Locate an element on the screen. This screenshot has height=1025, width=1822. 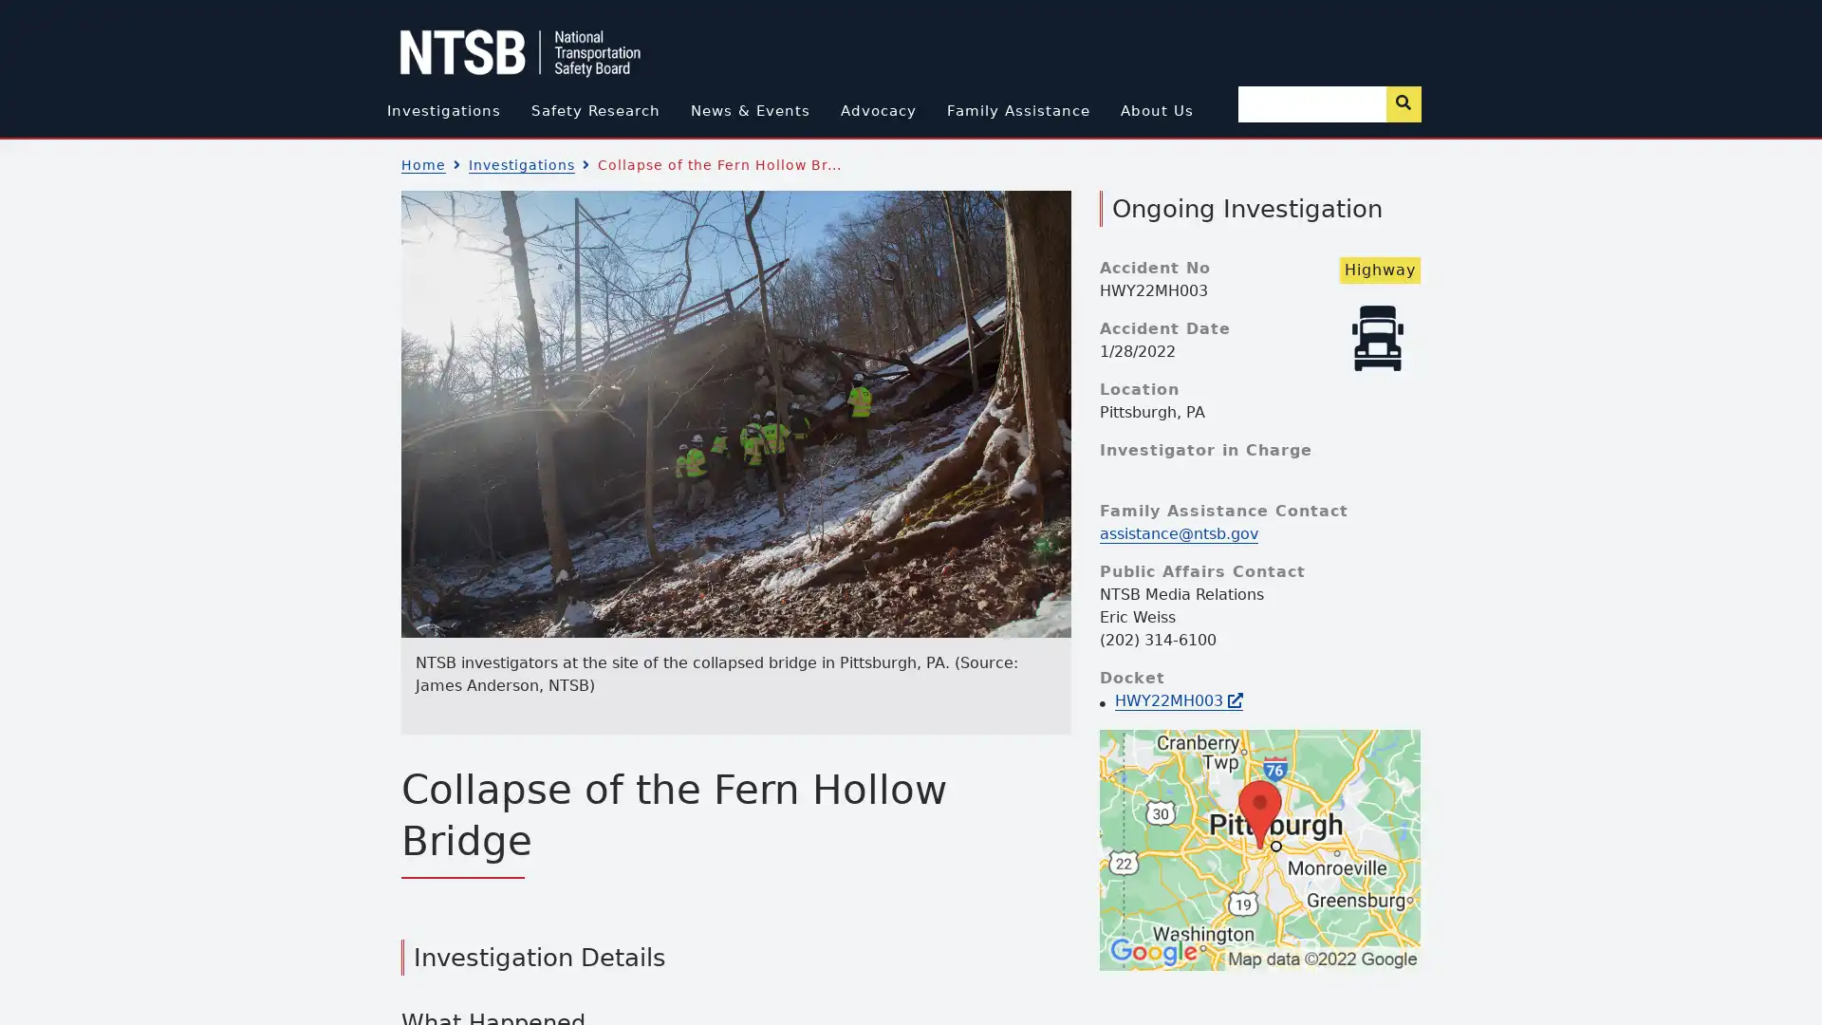
Safety Research is located at coordinates (594, 111).